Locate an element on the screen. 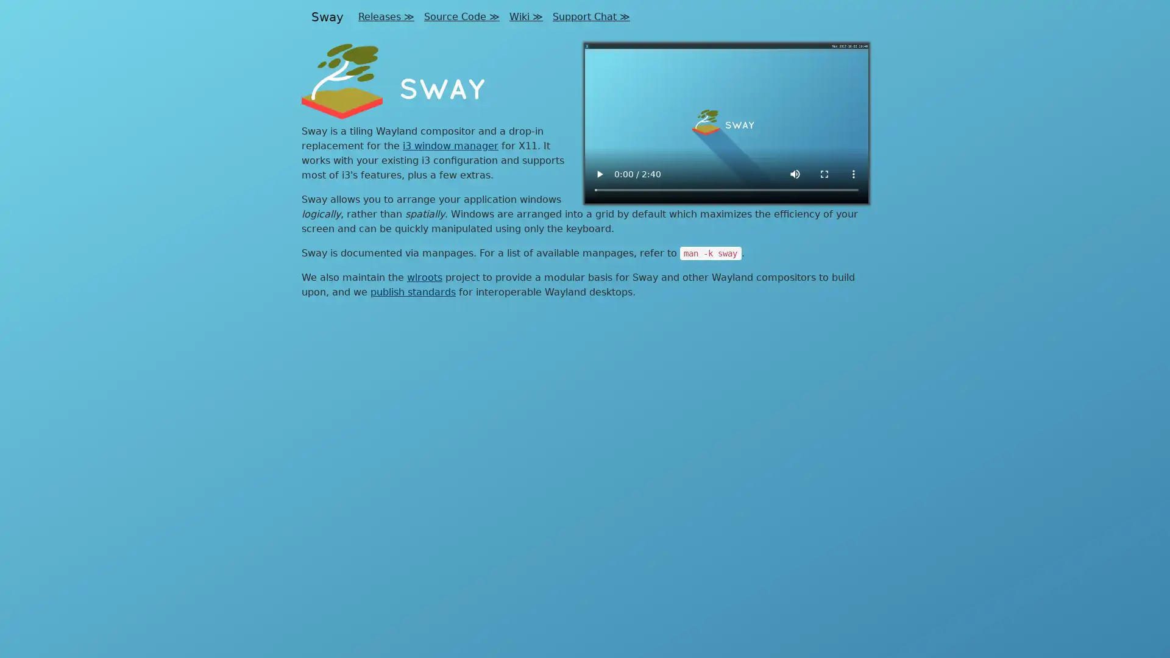 This screenshot has height=658, width=1170. show more media controls is located at coordinates (853, 174).